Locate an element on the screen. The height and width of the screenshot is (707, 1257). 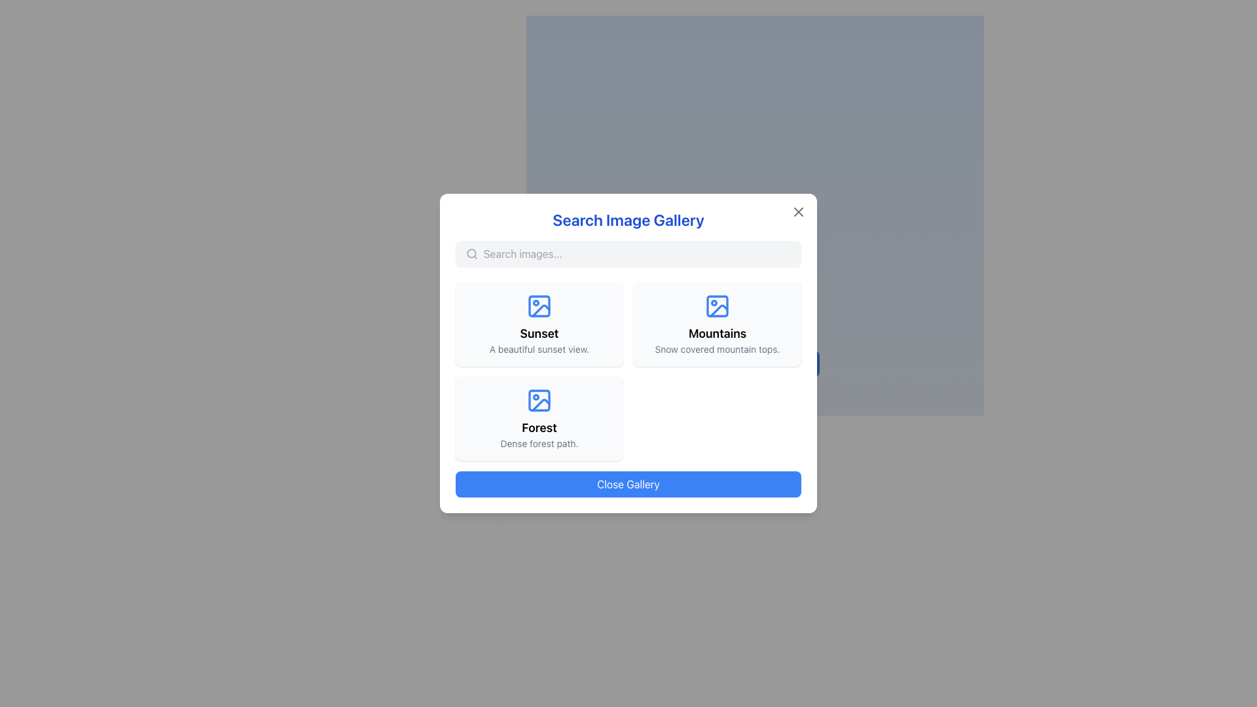
the 'Mountains' category card is located at coordinates (716, 324).